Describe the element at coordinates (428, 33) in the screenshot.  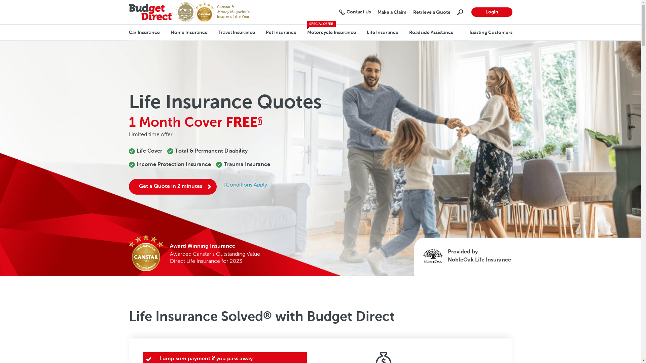
I see `'Roadside Assistance'` at that location.